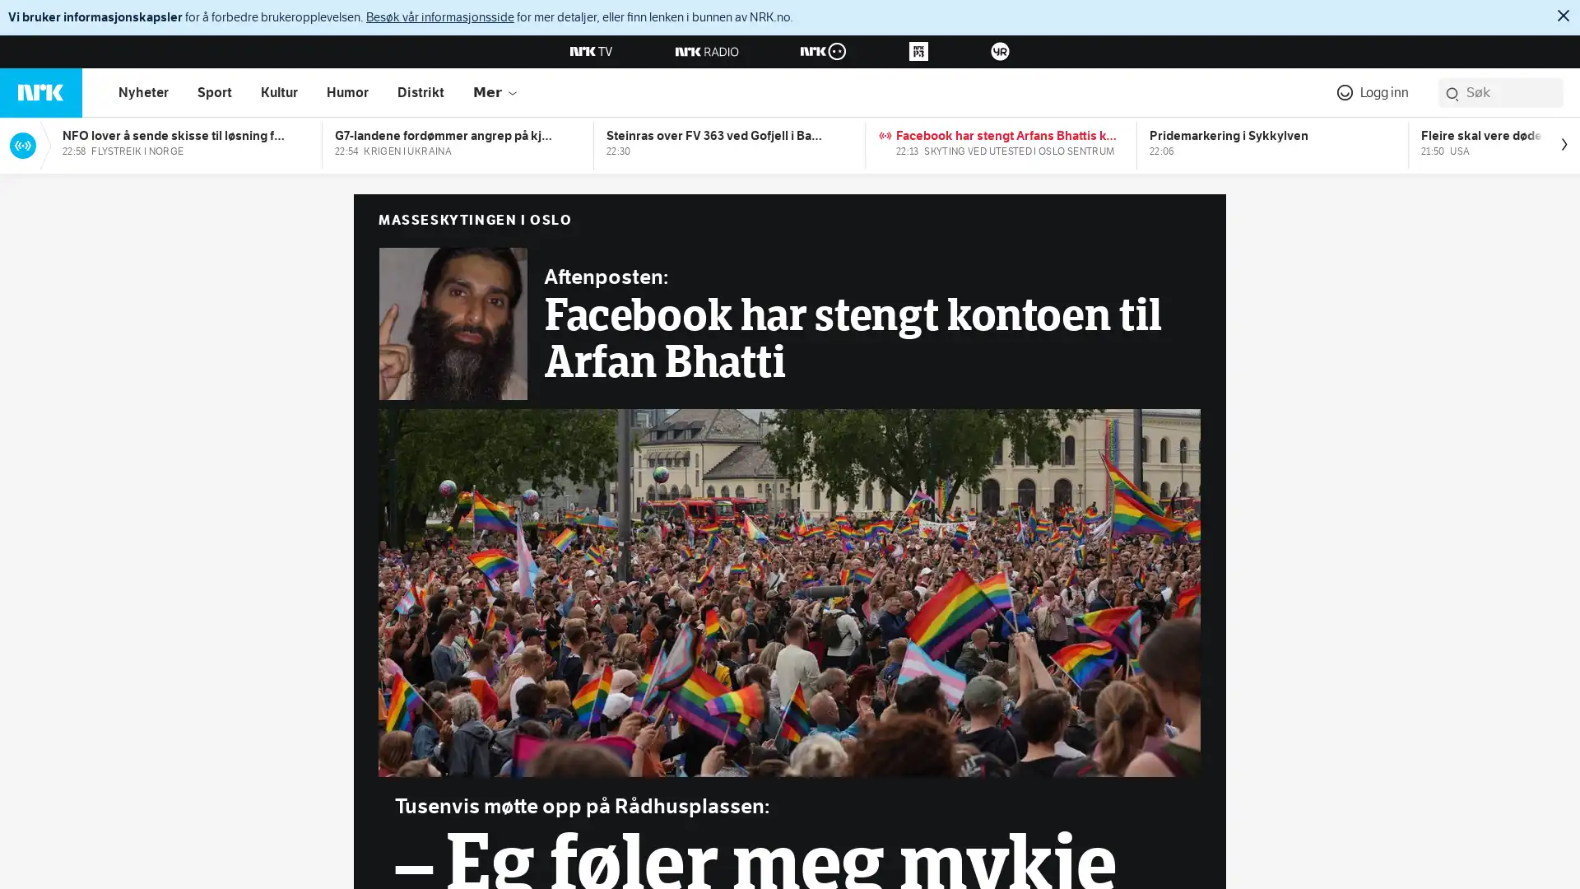 The height and width of the screenshot is (889, 1580). What do you see at coordinates (729, 142) in the screenshot?
I see `Steinras over FV 363 ved Gofjell i Bamle PUBLISERT KLOKKEN 22:30` at bounding box center [729, 142].